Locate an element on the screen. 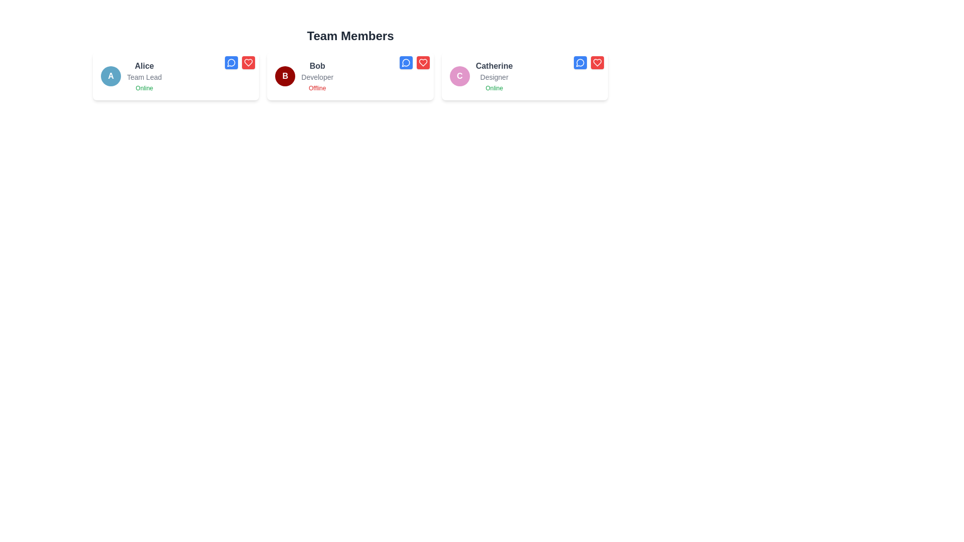 The image size is (964, 542). the static text label indicating 'Team Lead' for the individual 'Alice', located within the card labeled 'Alice', positioned in the middle of three text items is located at coordinates (144, 77).